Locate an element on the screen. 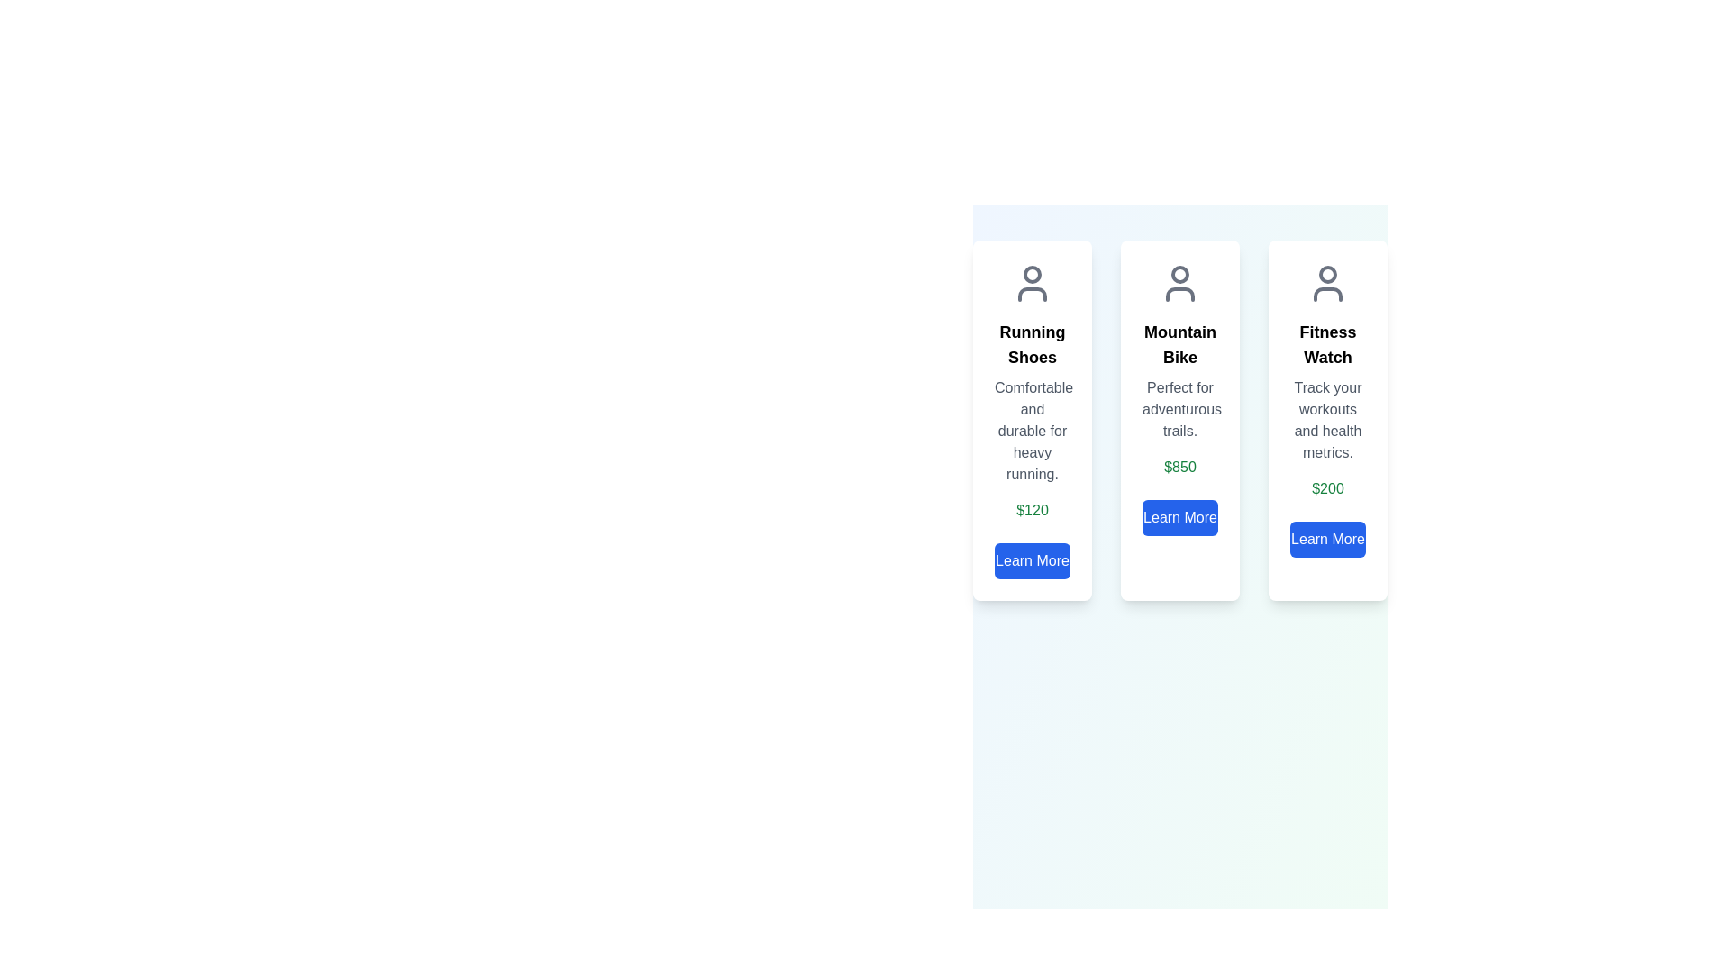  the heading labeled 'Fitness Watch', which is styled in bold and large font, located in the third product card above the description text is located at coordinates (1327, 344).